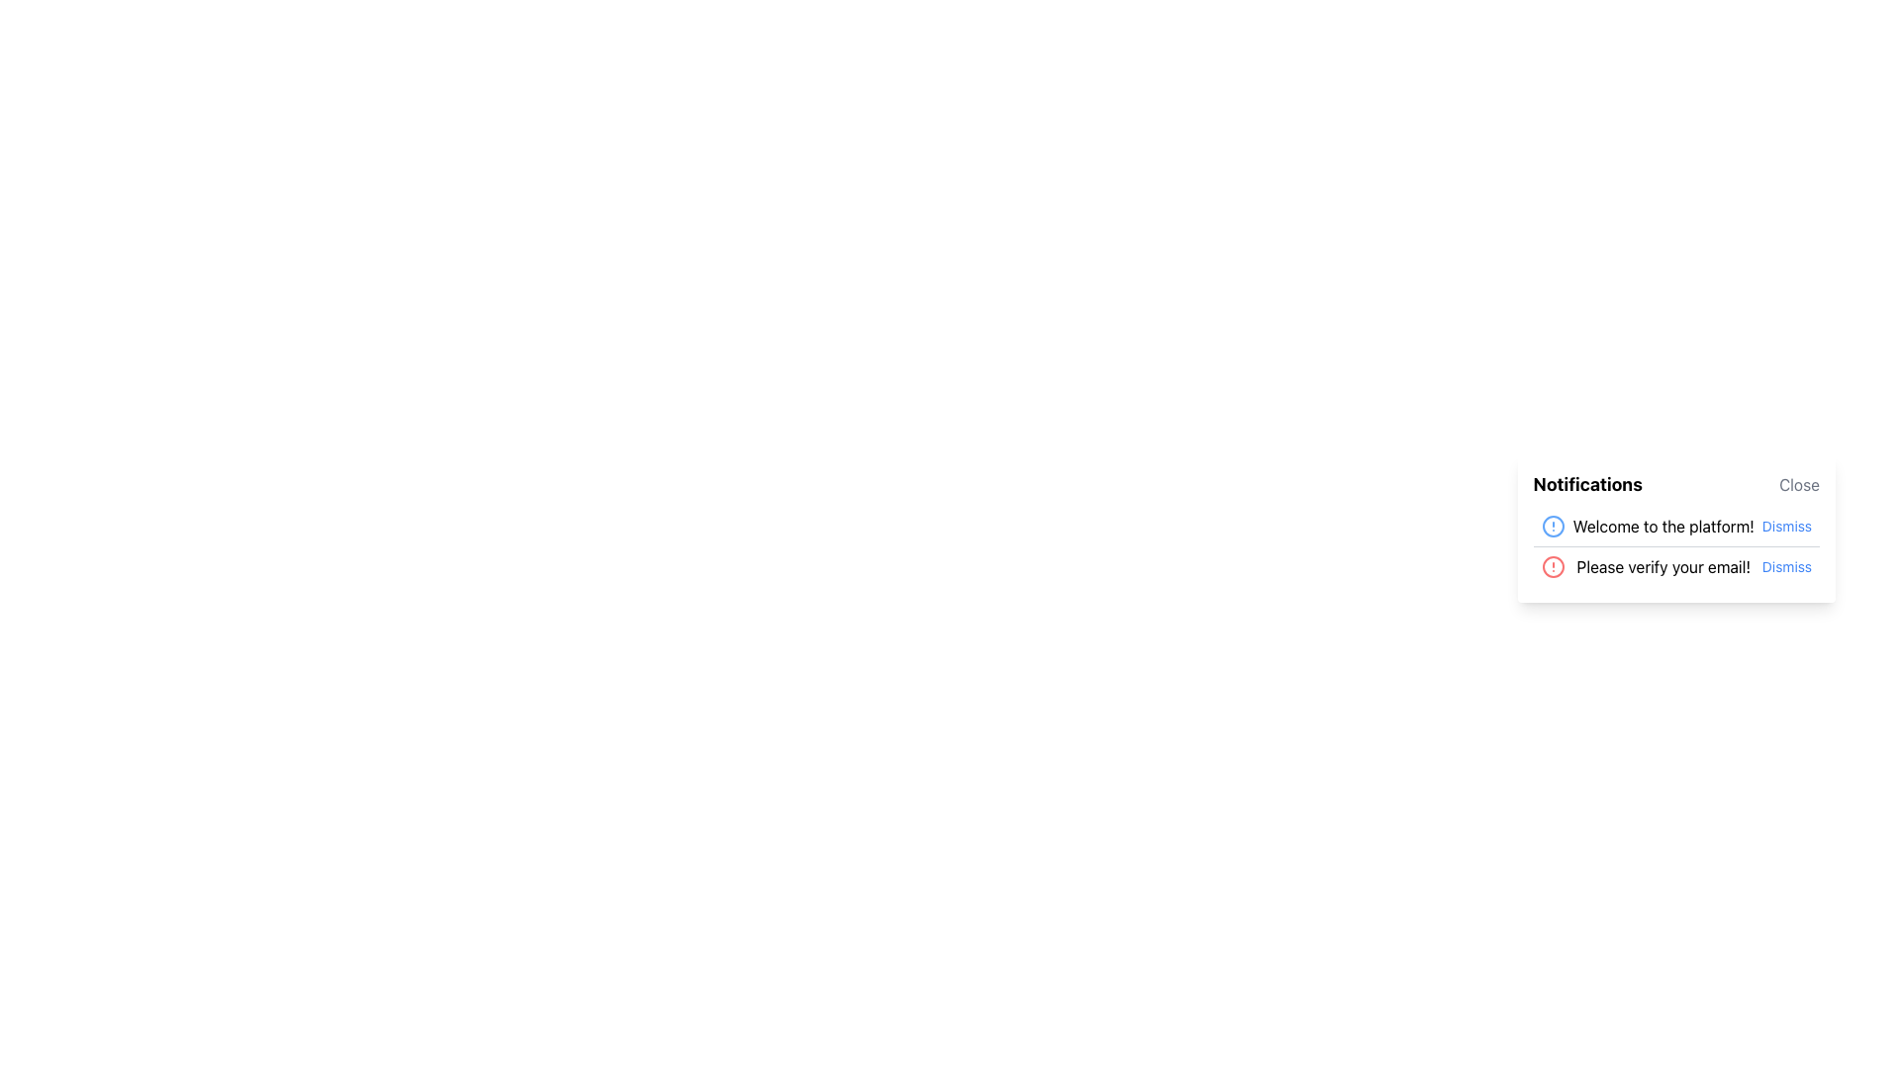 This screenshot has width=1900, height=1069. I want to click on the text element displaying 'Please verify your email!' which is located in the second row of the notification list, between an alert icon and a dismiss link, so click(1662, 567).